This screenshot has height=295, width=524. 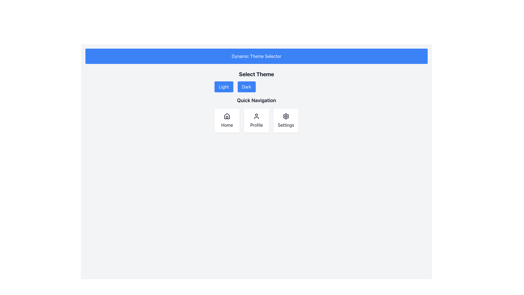 I want to click on the 'Profile' navigation button, which is the center item among three options labeled 'Home', 'Profile', and 'Settings', so click(x=256, y=120).